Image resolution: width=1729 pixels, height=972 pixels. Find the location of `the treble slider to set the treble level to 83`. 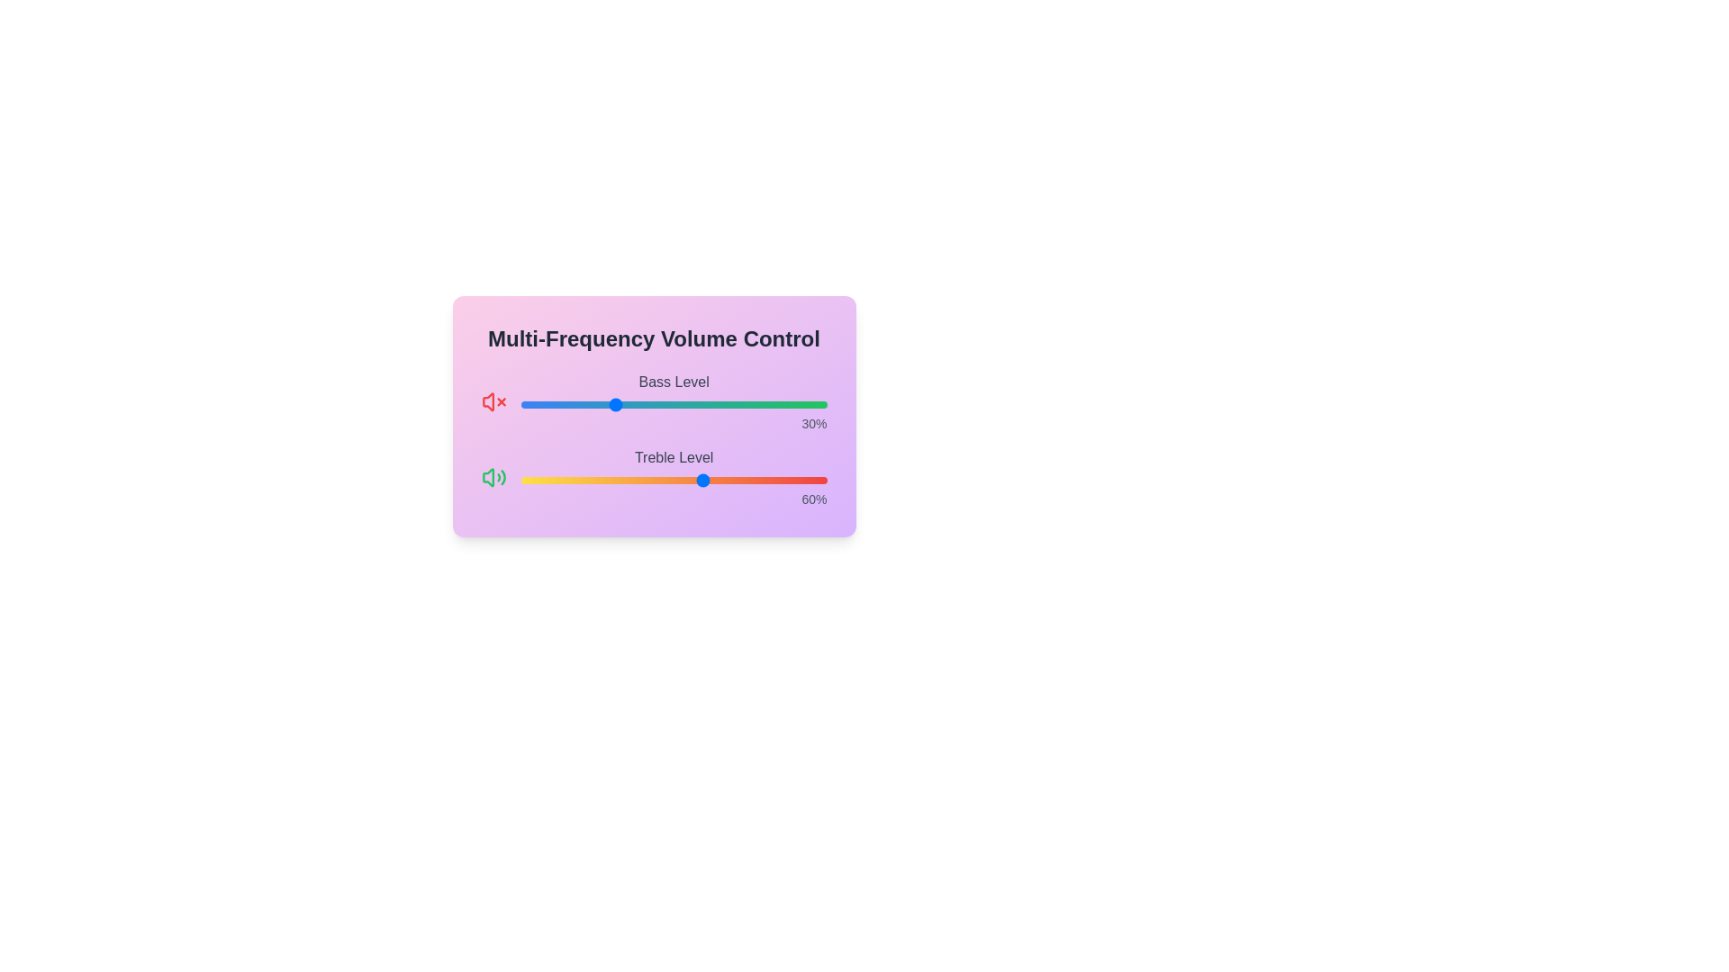

the treble slider to set the treble level to 83 is located at coordinates (774, 479).